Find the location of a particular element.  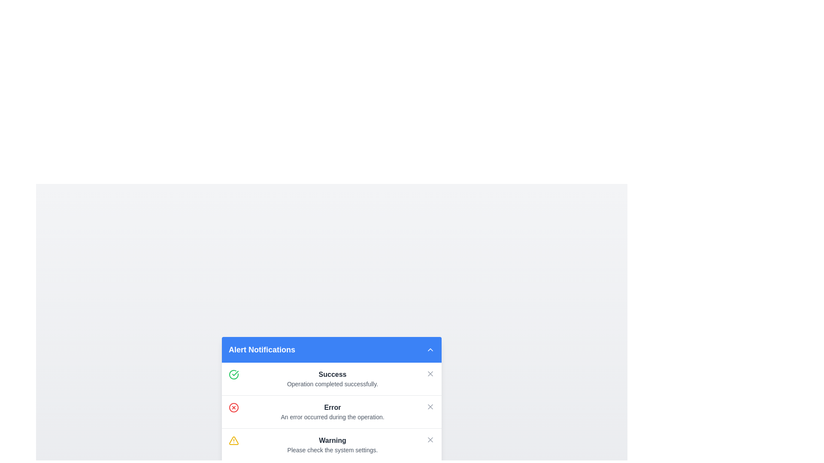

the circular red outlined icon with an 'X' symbol, indicating an error, located in the 'Alert Notifications' section beside the text 'Error' and the message 'An error occurred during the operation.' is located at coordinates (234, 406).